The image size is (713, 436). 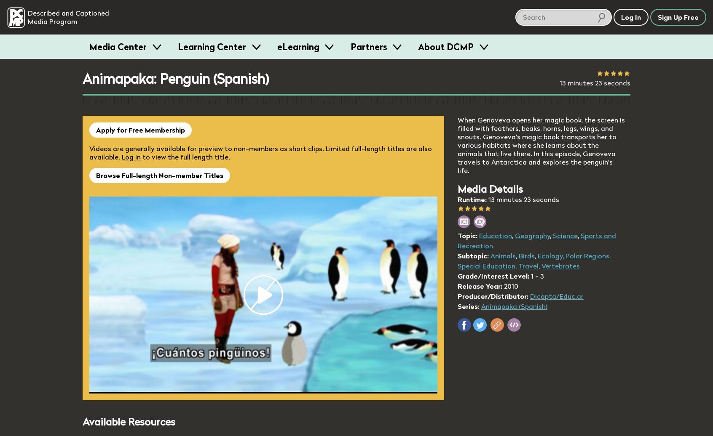 I want to click on 'Subtopic:', so click(x=473, y=256).